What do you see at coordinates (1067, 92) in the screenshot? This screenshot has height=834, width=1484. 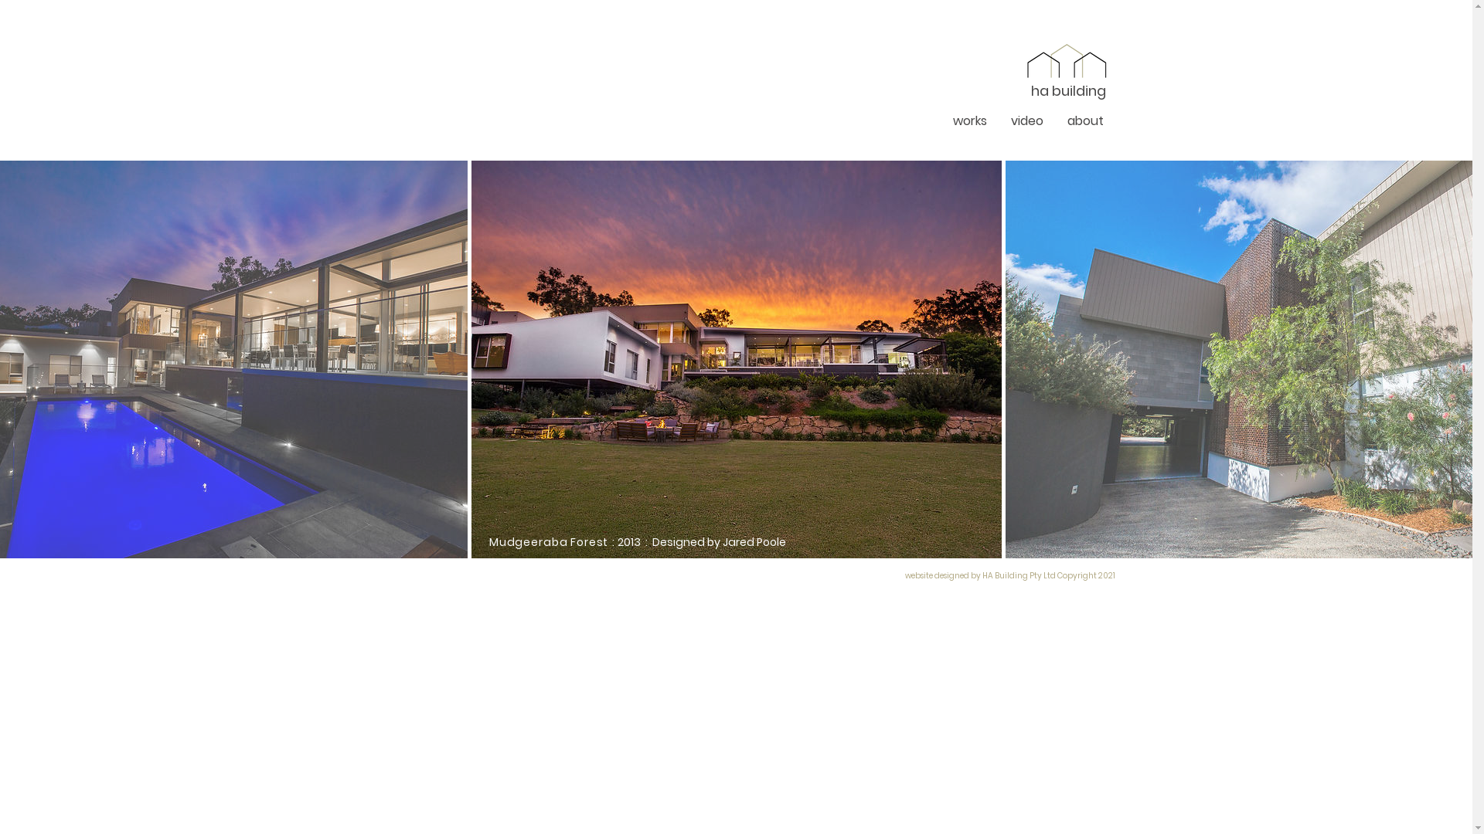 I see `'ha building'` at bounding box center [1067, 92].